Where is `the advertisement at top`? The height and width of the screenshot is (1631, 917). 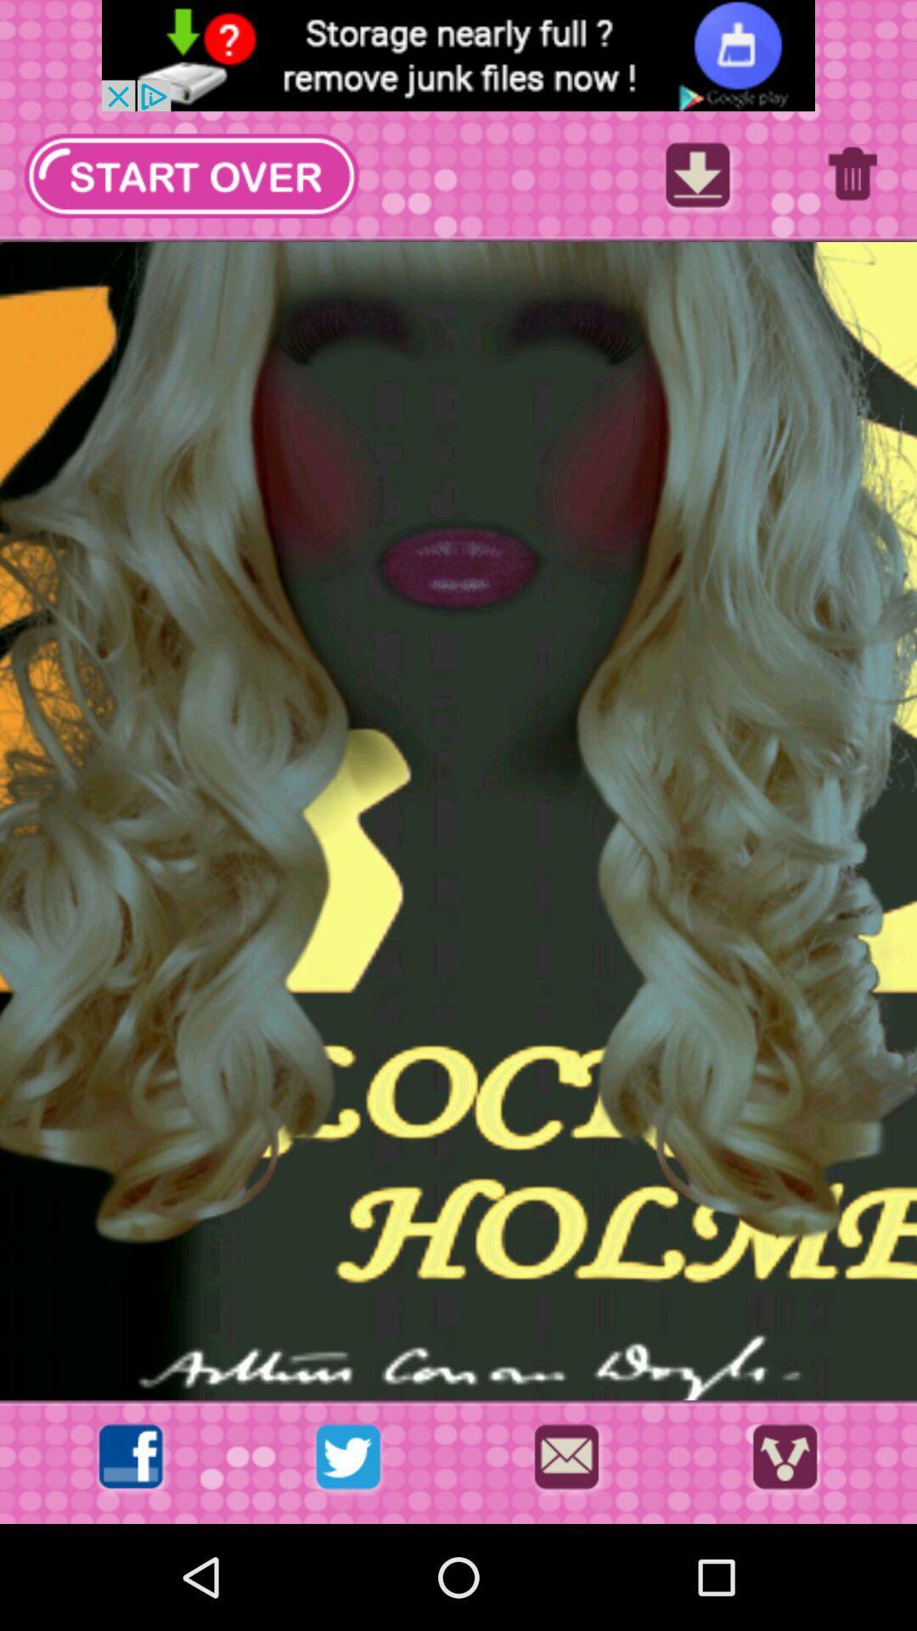 the advertisement at top is located at coordinates (458, 55).